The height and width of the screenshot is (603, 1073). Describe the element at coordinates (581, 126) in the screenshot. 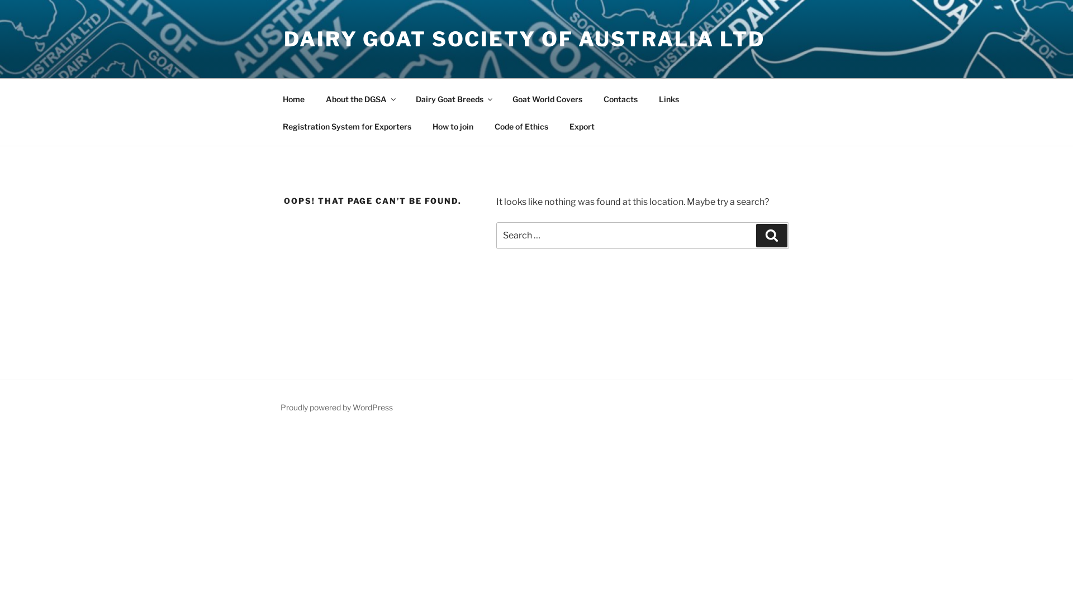

I see `'Export'` at that location.